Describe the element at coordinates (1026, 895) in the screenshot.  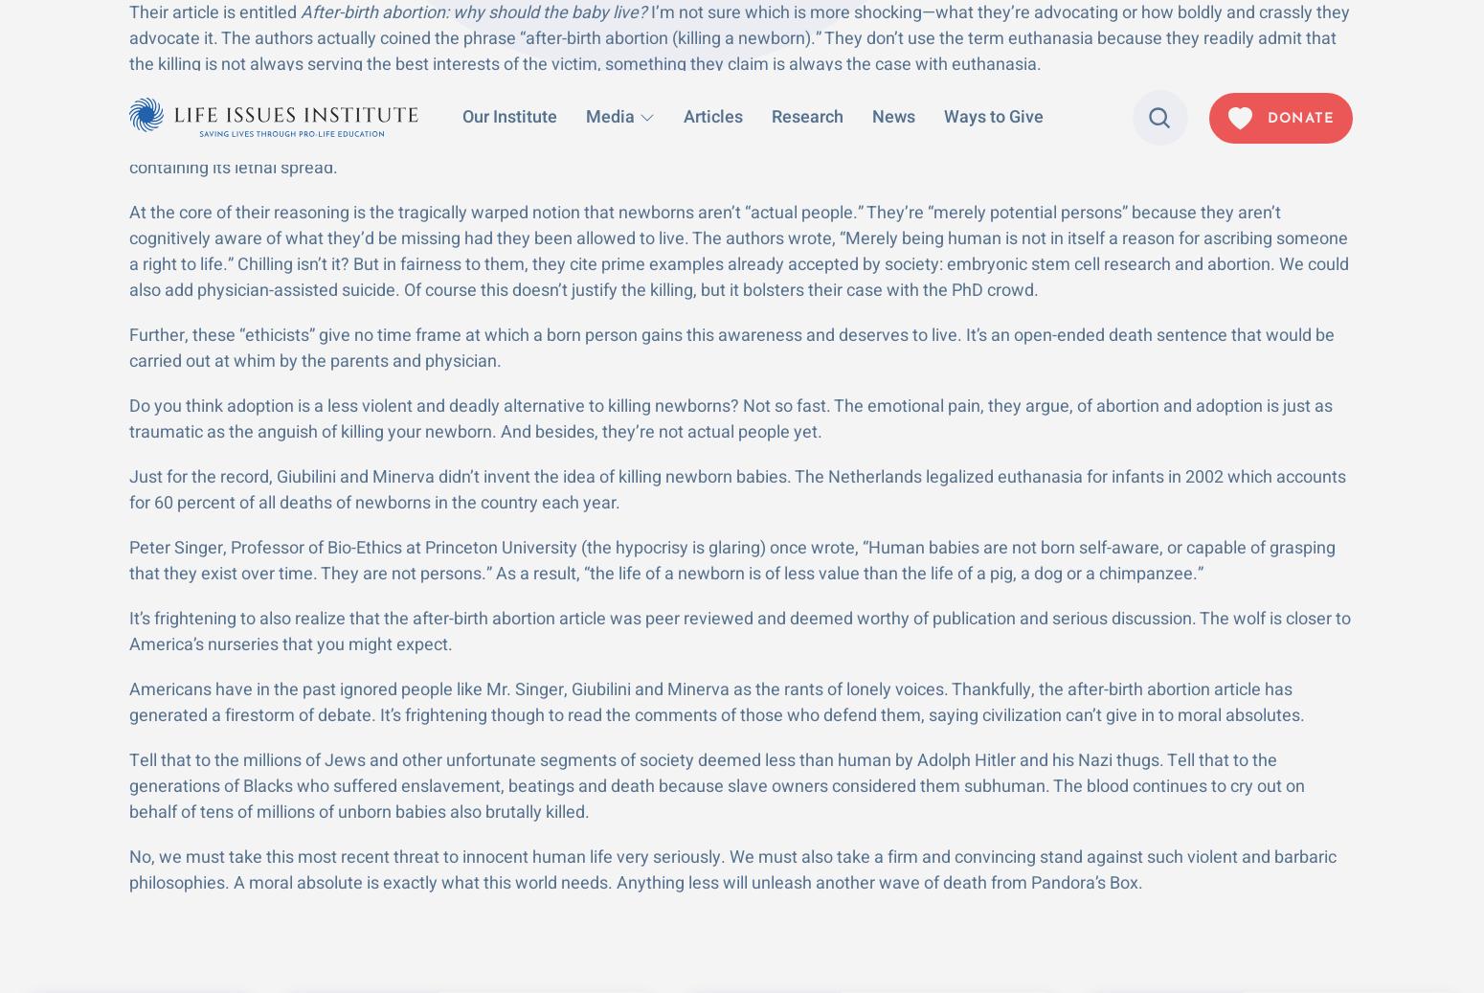
I see `'Careers'` at that location.